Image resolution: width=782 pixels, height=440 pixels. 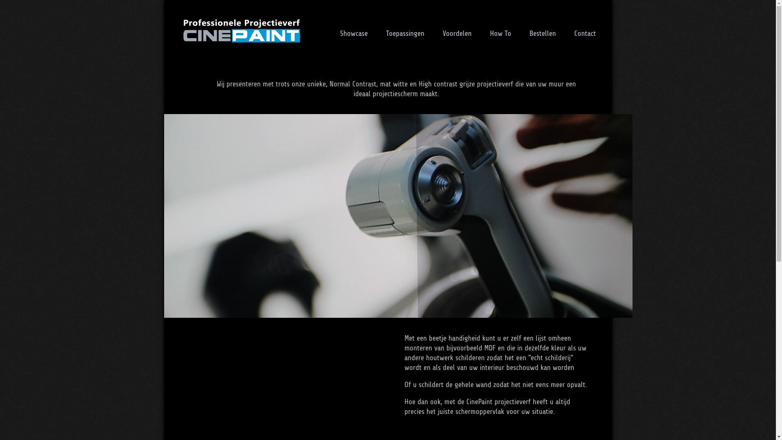 I want to click on 'How To', so click(x=500, y=33).